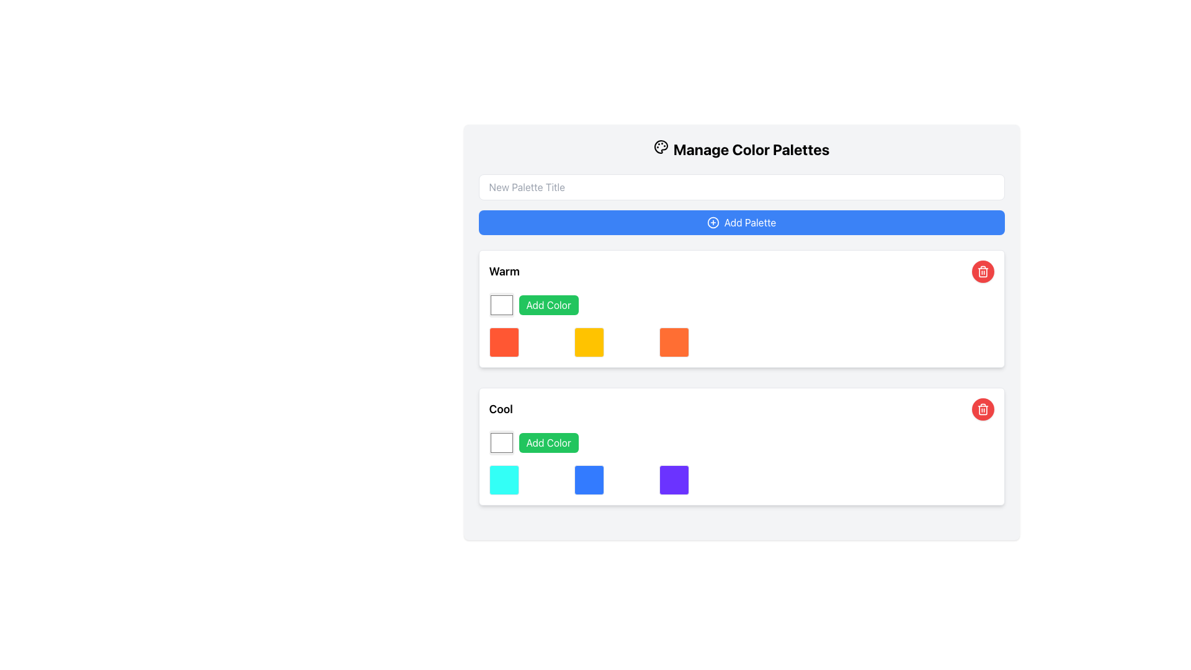 Image resolution: width=1191 pixels, height=670 pixels. I want to click on the trash can icon located inside the red circular button to the far right of the 'Warm' section, which is the second of two similar buttons presented vertically, so click(982, 272).